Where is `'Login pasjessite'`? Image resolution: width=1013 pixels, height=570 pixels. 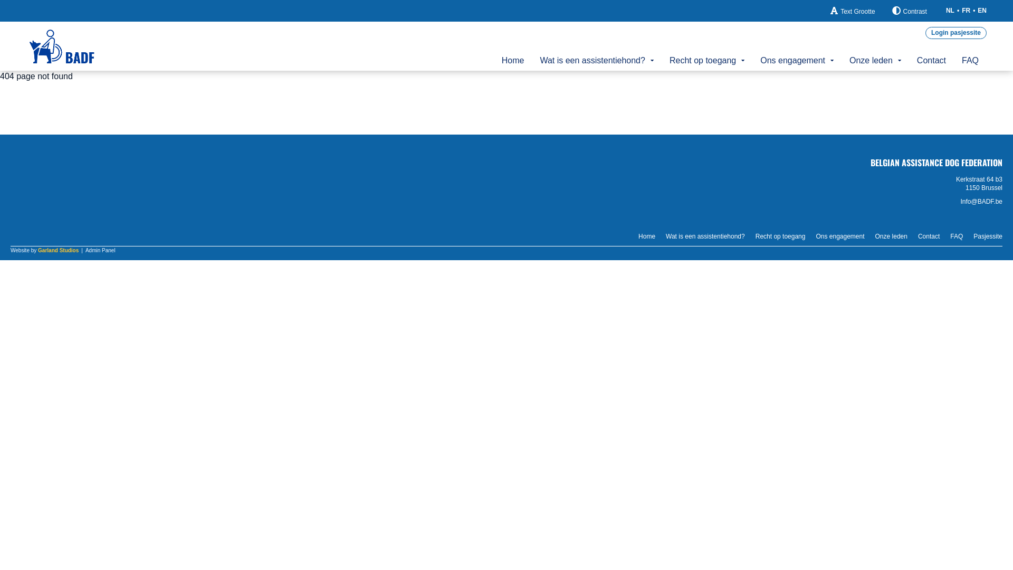
'Login pasjessite' is located at coordinates (924, 32).